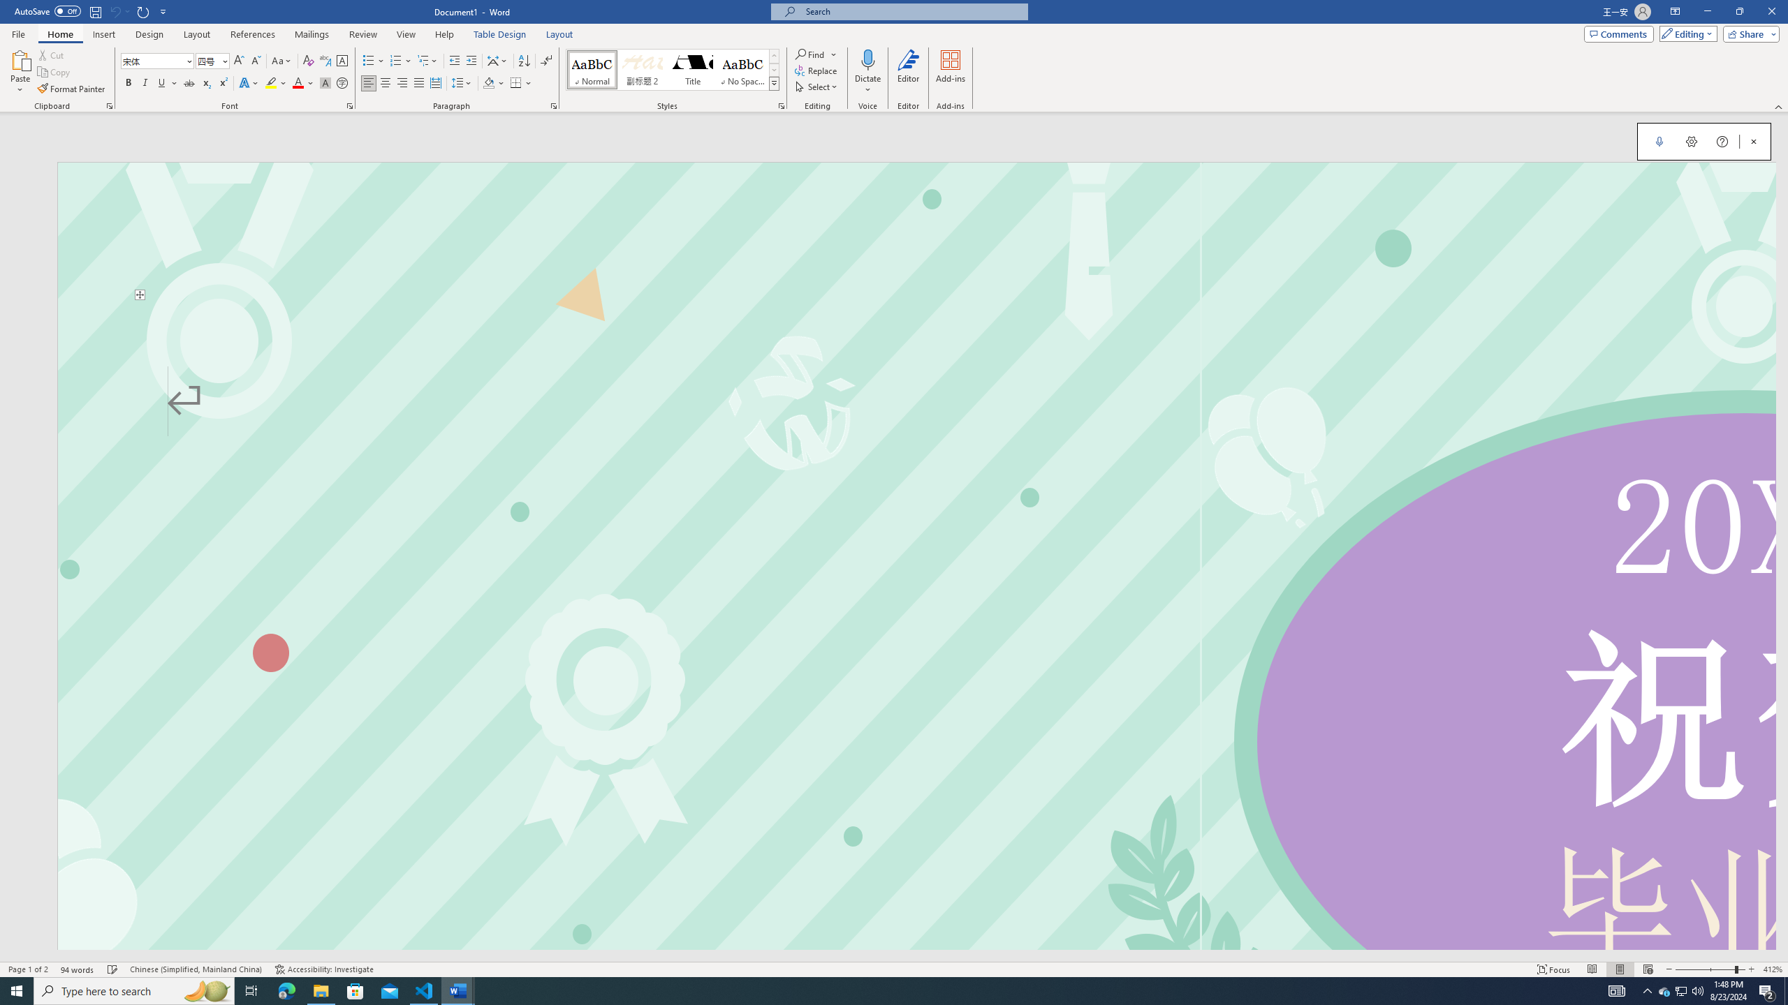 Image resolution: width=1788 pixels, height=1005 pixels. Describe the element at coordinates (692, 69) in the screenshot. I see `'Title'` at that location.